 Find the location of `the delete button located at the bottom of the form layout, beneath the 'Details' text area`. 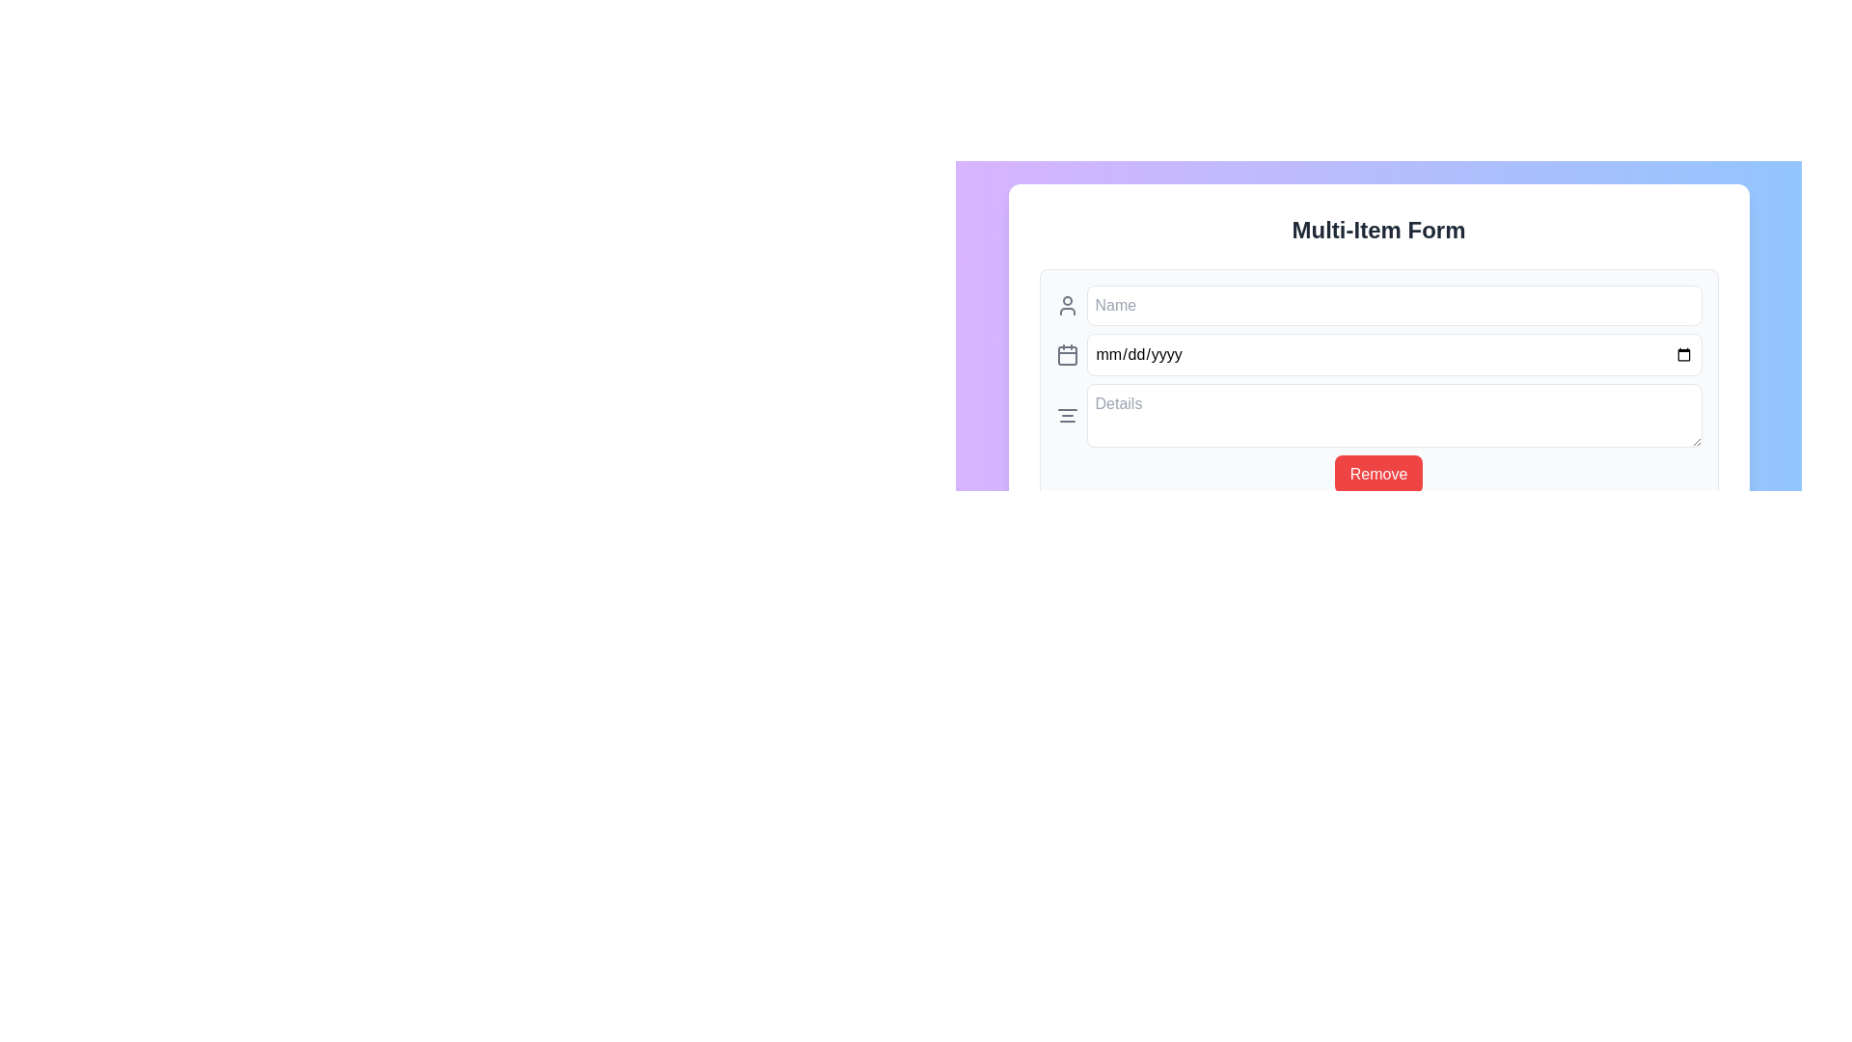

the delete button located at the bottom of the form layout, beneath the 'Details' text area is located at coordinates (1377, 475).